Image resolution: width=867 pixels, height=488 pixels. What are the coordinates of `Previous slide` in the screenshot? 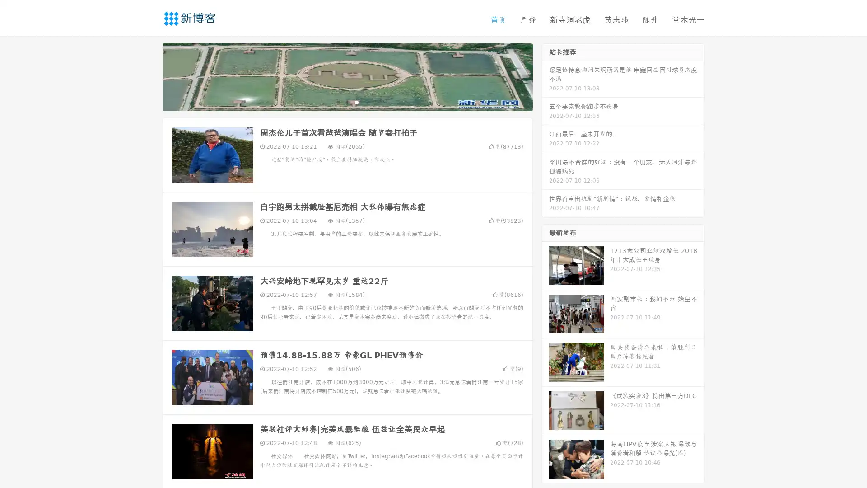 It's located at (149, 76).